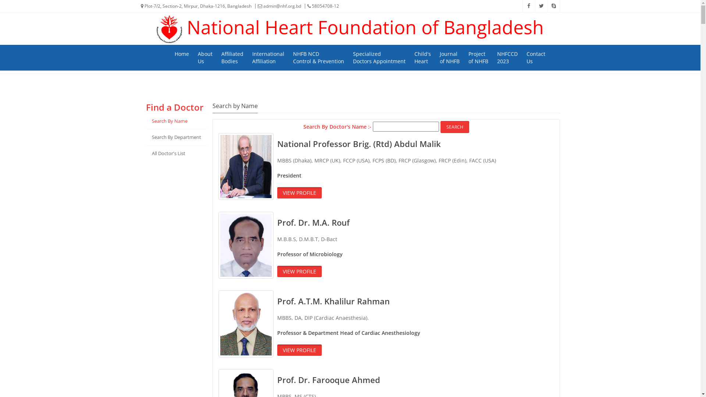 The image size is (706, 397). Describe the element at coordinates (379, 57) in the screenshot. I see `'Specialized` at that location.